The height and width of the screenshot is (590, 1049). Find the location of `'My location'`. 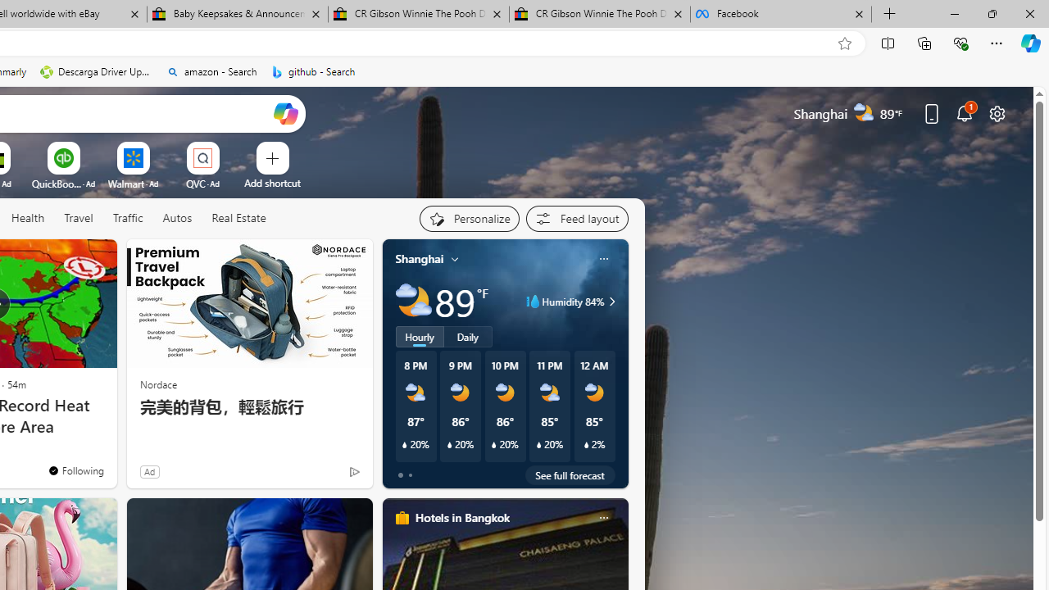

'My location' is located at coordinates (455, 258).